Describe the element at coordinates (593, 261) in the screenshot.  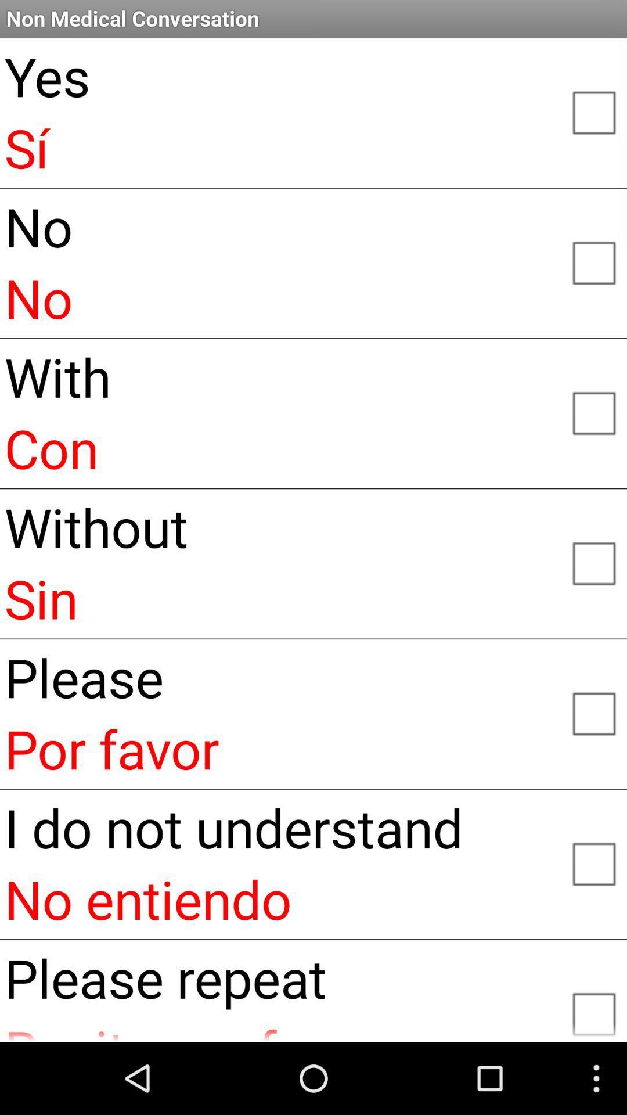
I see `no` at that location.